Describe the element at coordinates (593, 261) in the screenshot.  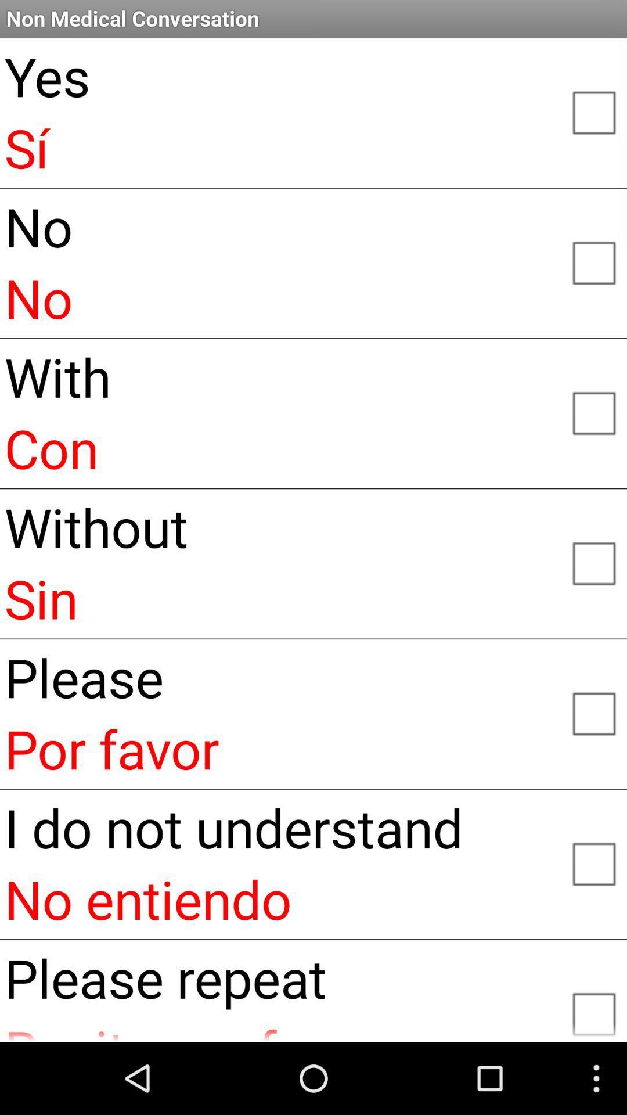
I see `no` at that location.